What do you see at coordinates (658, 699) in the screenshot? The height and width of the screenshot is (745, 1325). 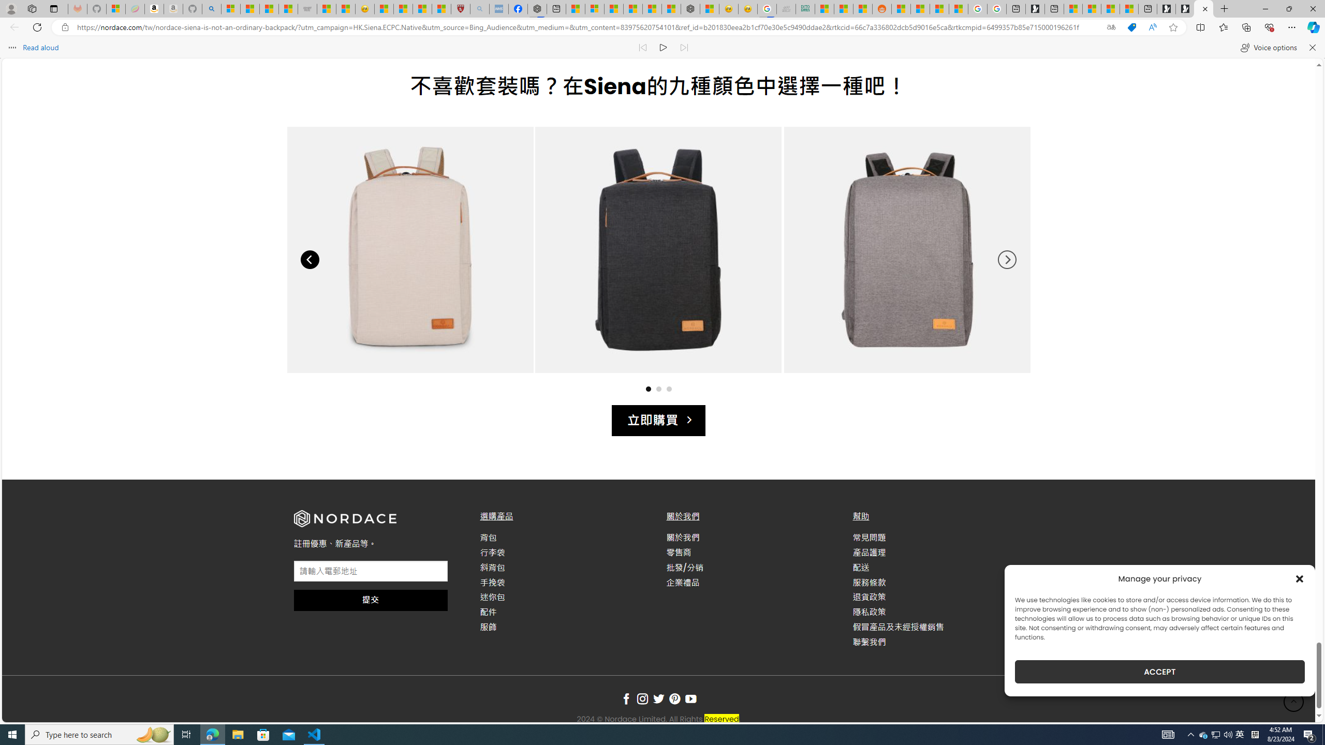 I see `'Follow on Twitter'` at bounding box center [658, 699].